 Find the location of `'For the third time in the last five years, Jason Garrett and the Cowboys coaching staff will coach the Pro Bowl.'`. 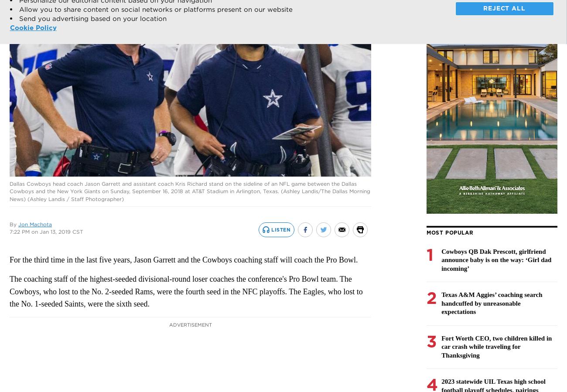

'For the third time in the last five years, Jason Garrett and the Cowboys coaching staff will coach the Pro Bowl.' is located at coordinates (9, 260).